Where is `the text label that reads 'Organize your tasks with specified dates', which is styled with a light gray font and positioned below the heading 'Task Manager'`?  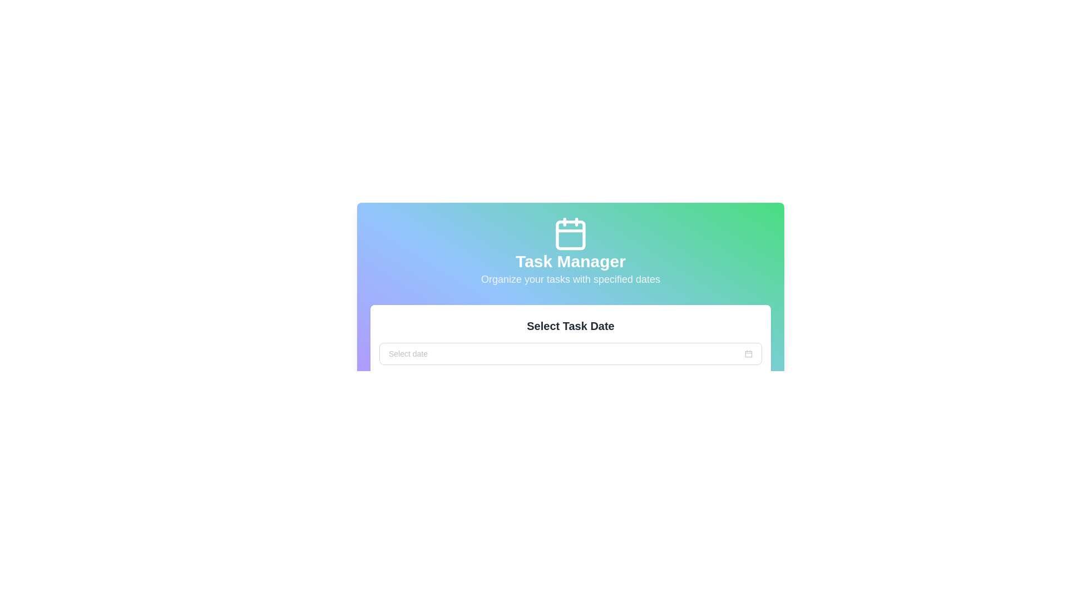
the text label that reads 'Organize your tasks with specified dates', which is styled with a light gray font and positioned below the heading 'Task Manager' is located at coordinates (571, 278).